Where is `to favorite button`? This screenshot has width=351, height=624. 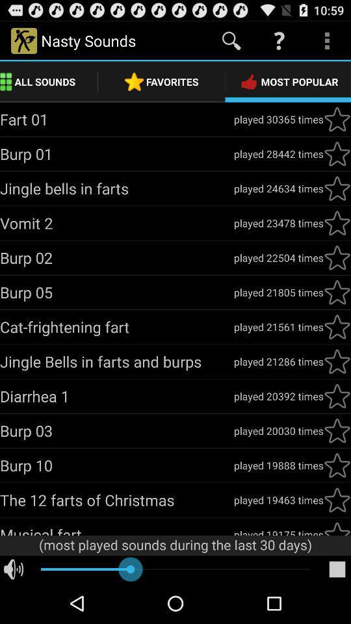
to favorite button is located at coordinates (337, 292).